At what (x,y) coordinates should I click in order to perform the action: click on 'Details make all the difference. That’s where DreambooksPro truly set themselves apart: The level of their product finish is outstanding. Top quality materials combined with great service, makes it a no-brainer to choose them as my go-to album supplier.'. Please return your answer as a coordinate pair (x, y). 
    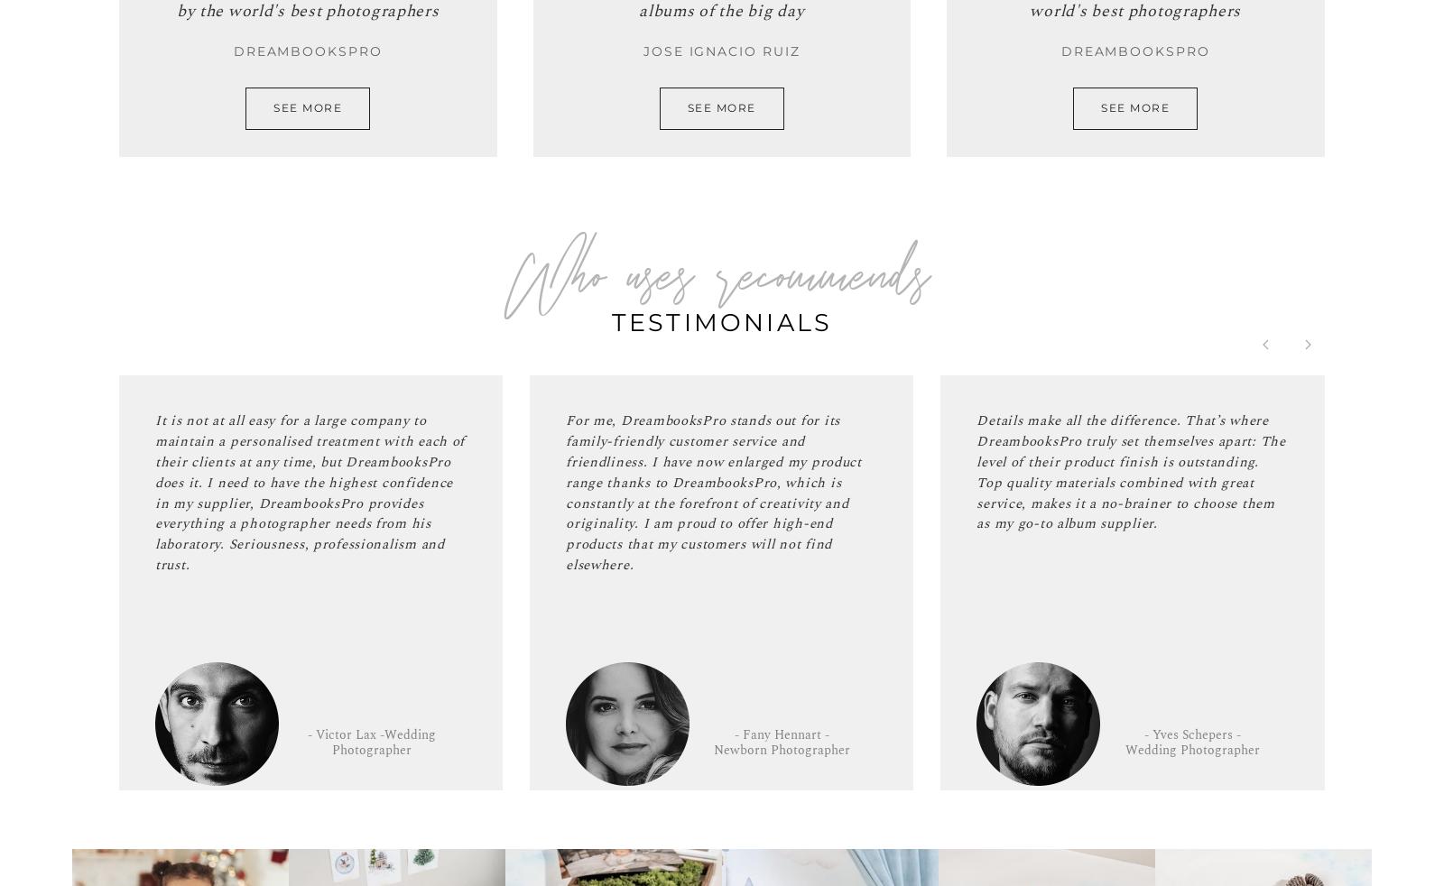
    Looking at the image, I should click on (1129, 471).